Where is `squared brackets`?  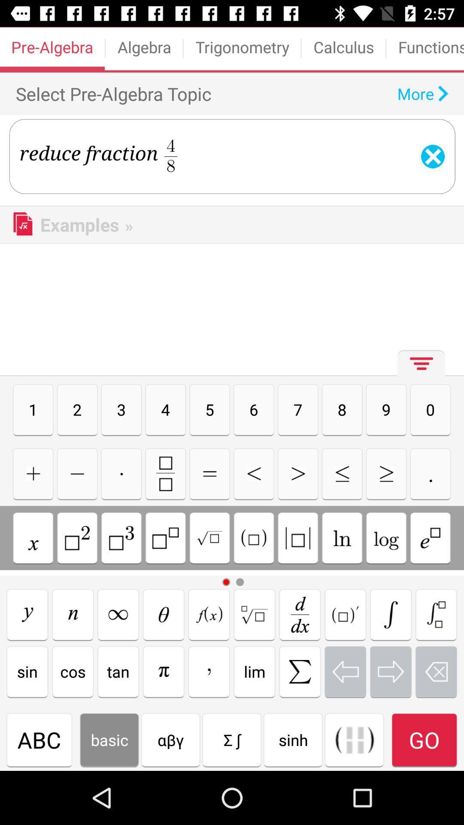
squared brackets is located at coordinates (297, 538).